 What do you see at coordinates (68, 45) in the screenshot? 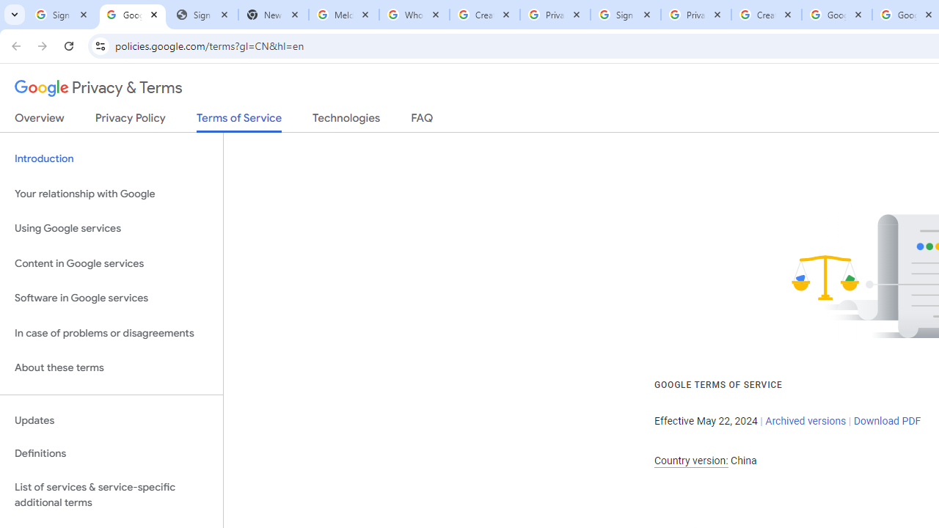
I see `'Reload'` at bounding box center [68, 45].